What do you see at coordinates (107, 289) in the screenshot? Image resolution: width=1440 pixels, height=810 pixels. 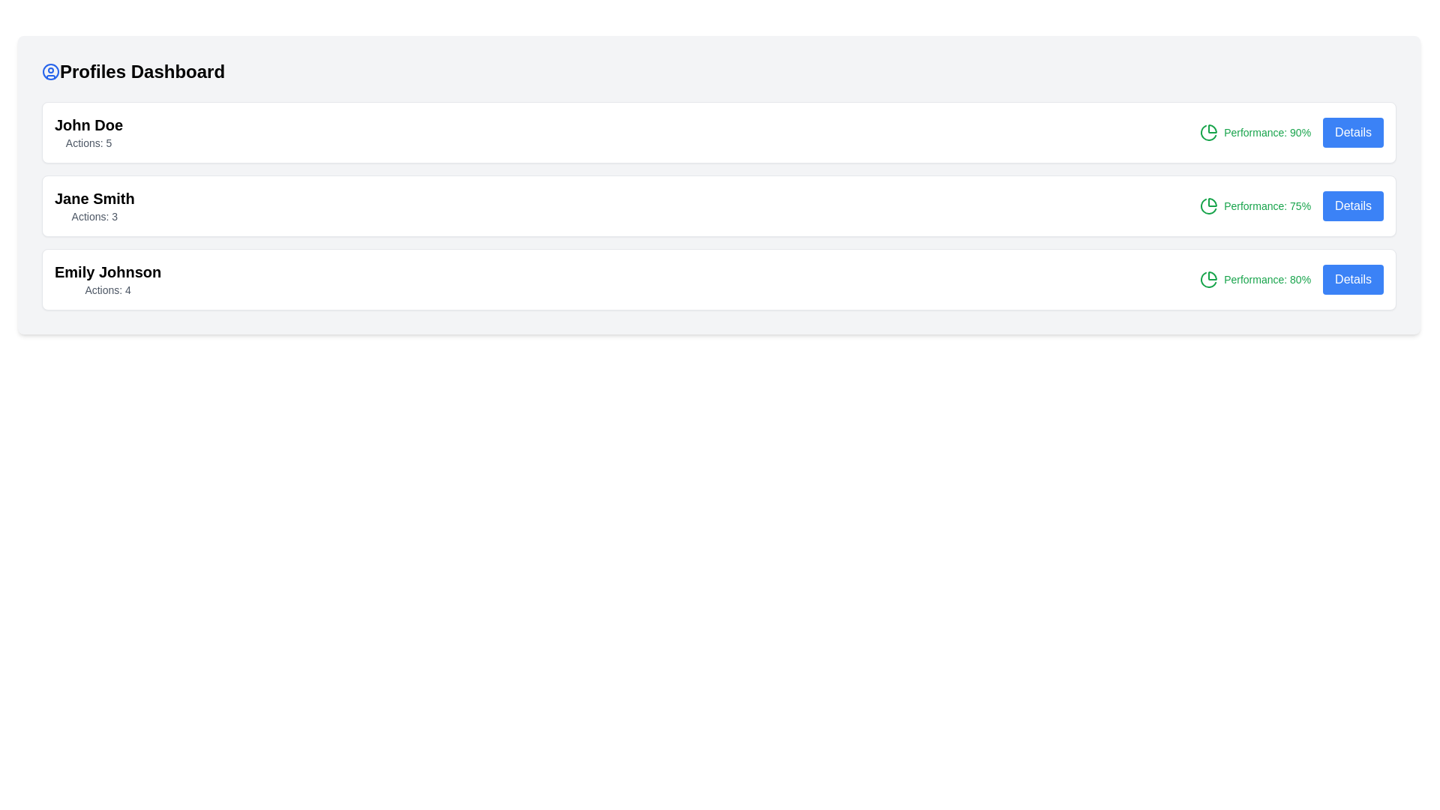 I see `the text display 'Actions: 4', which is styled in small gray text and located below 'Emily Johnson' in the third section of the profiles list` at bounding box center [107, 289].